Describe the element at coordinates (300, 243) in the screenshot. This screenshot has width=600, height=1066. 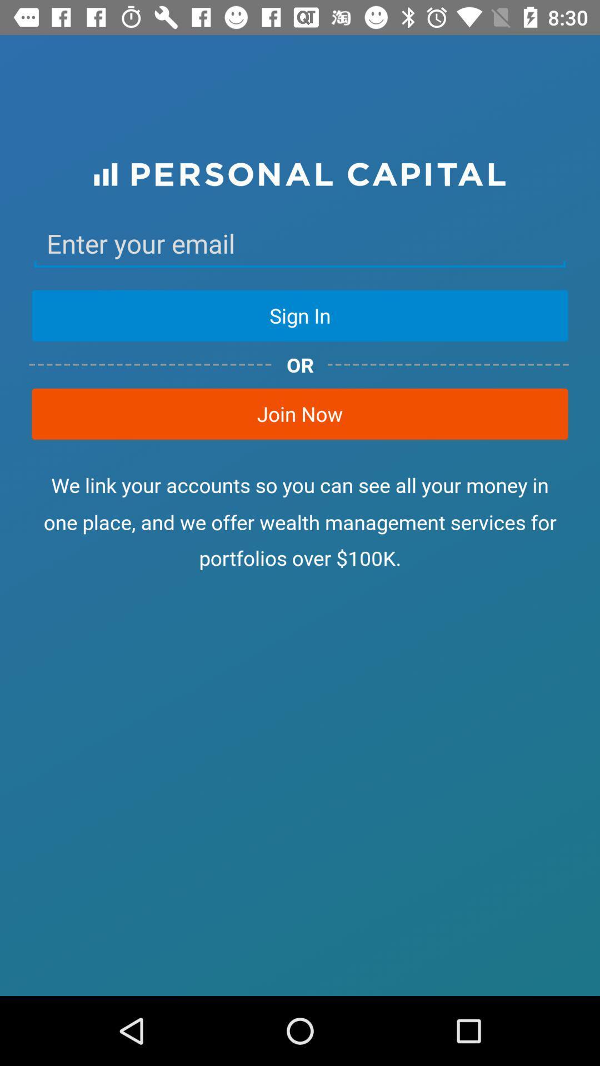
I see `email option` at that location.